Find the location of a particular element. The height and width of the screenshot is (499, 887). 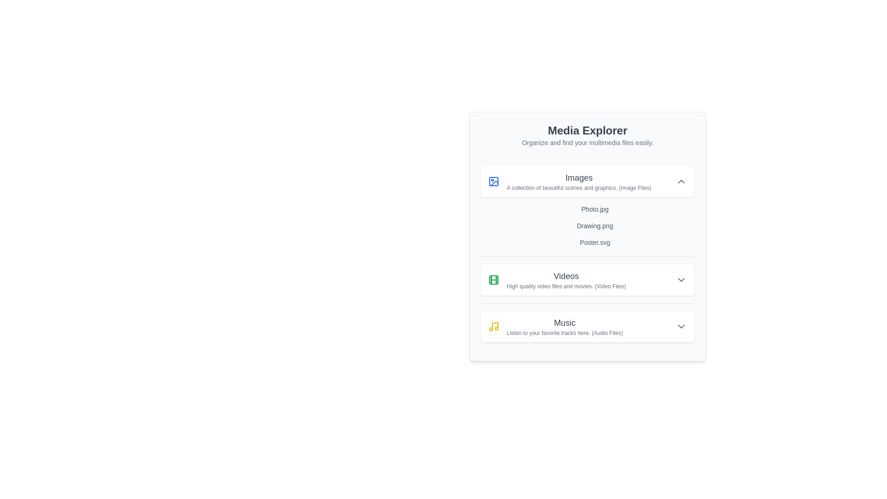

the section header for the 'Images' category is located at coordinates (578, 182).